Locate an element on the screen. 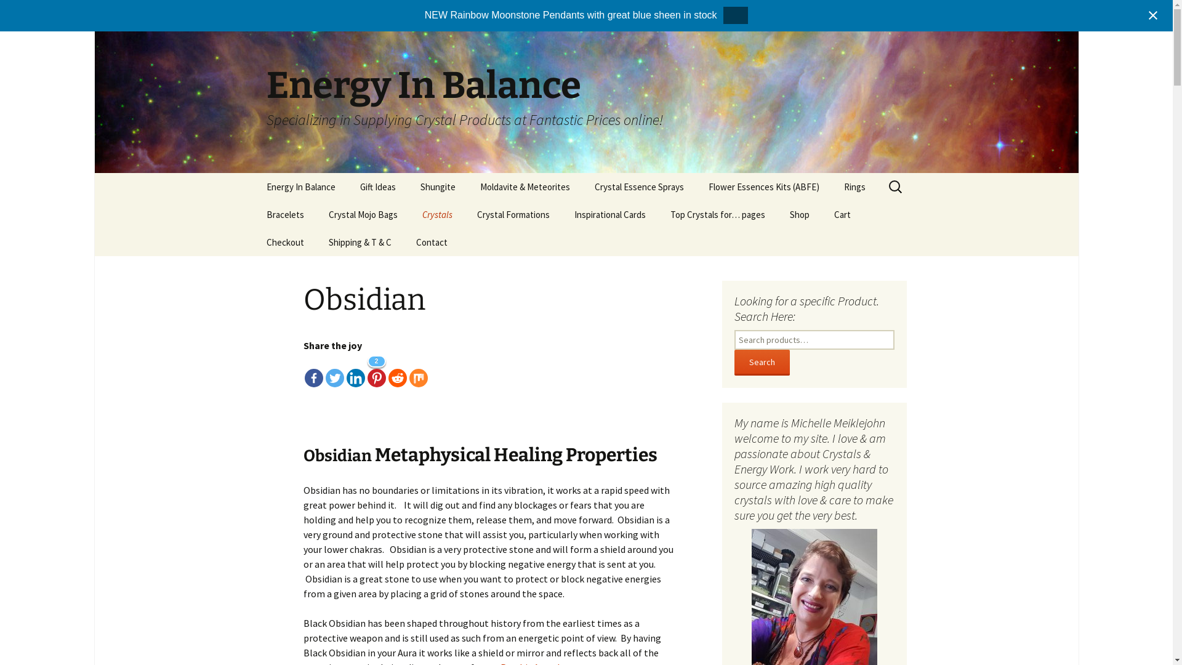 The image size is (1182, 665). 'Shungite' is located at coordinates (437, 187).